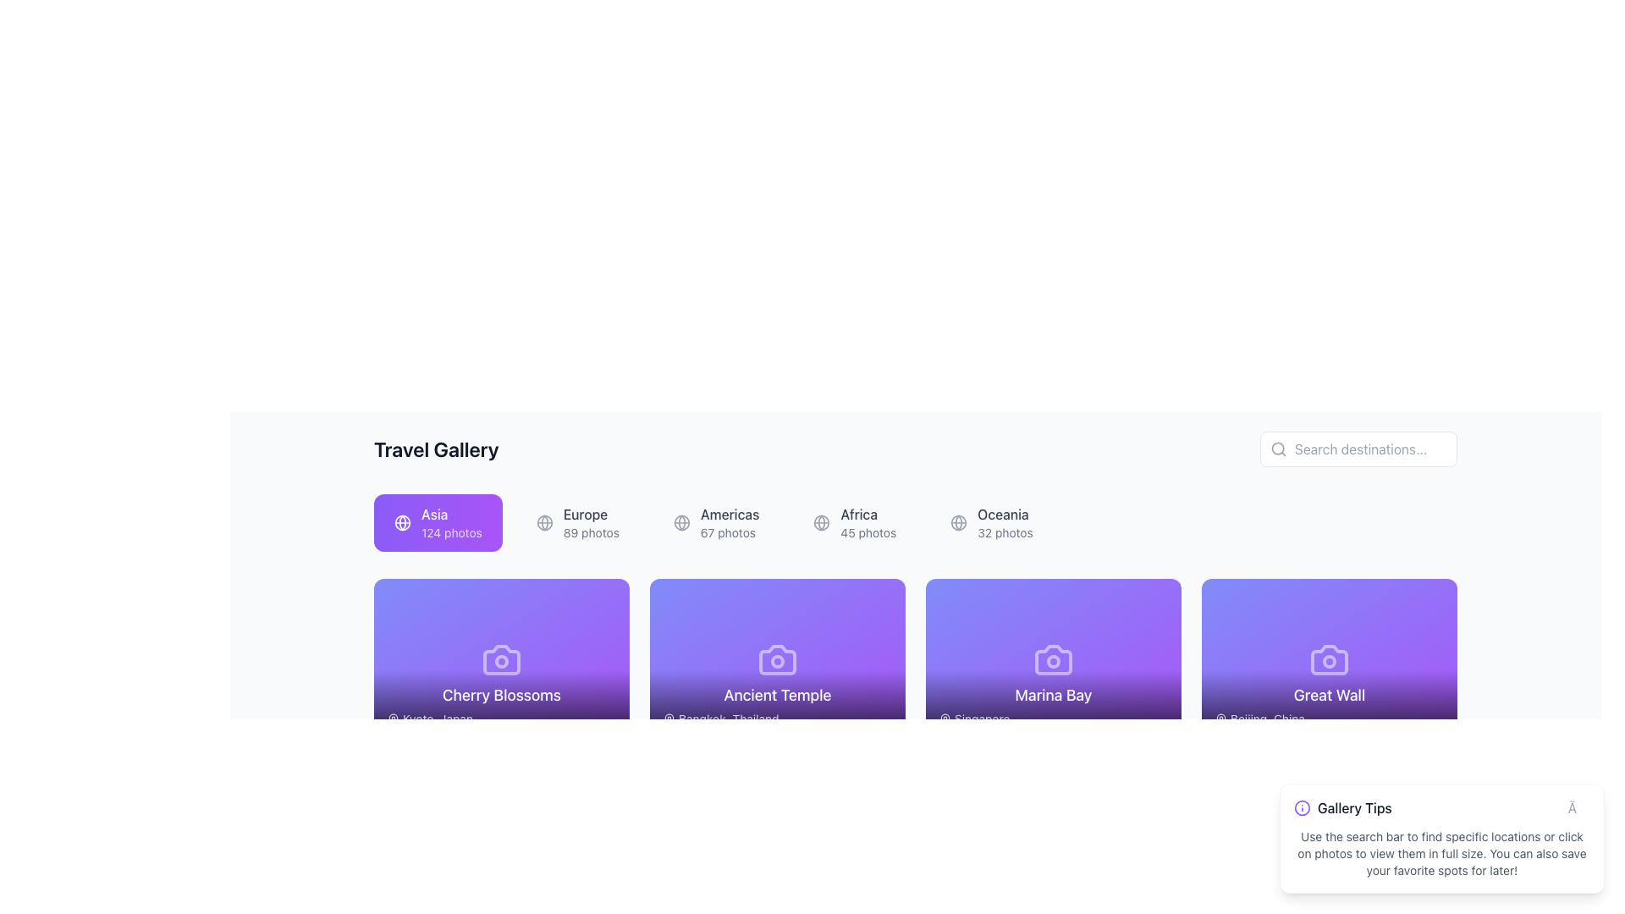  Describe the element at coordinates (945, 718) in the screenshot. I see `the map pin icon, which is a stroke-only design located above the 'Marina Bay' label in the grid of cards` at that location.